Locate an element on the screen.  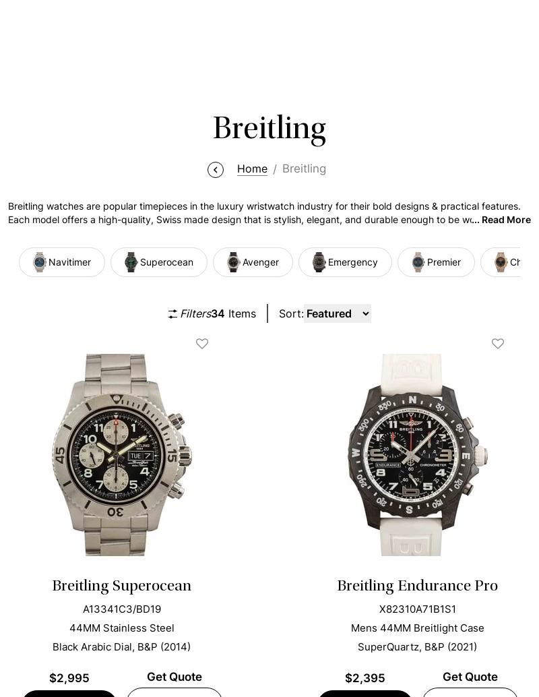
'Yes, Breitling is one of the most recognizable luxury Swiss watch brands. Despite being a major luxury brand, Breitling still manages to produce watches that are more affordable than some of its competitors, like Rolex and Cartier. As such, you can expect pre-owned Breitling watches to be even more affordable. Consider looking through our wide collection of Breitling watches to finally own a luxury timepiece.' is located at coordinates (268, 208).